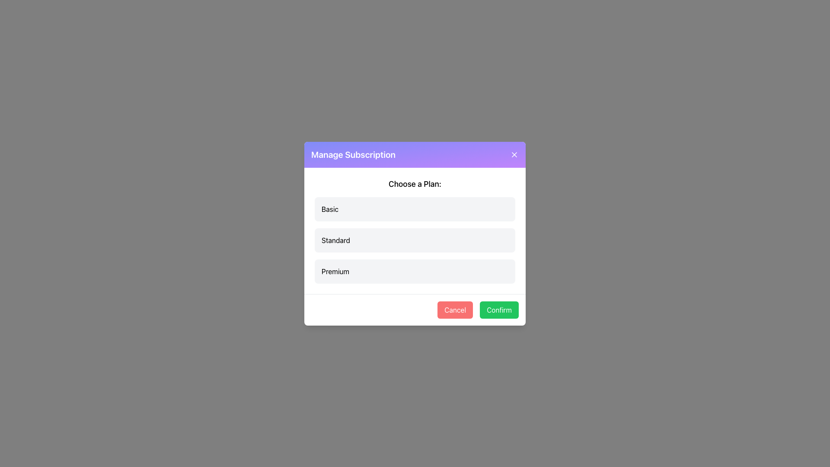  I want to click on the 'Premium' option in the subscription selection interface, so click(415, 271).